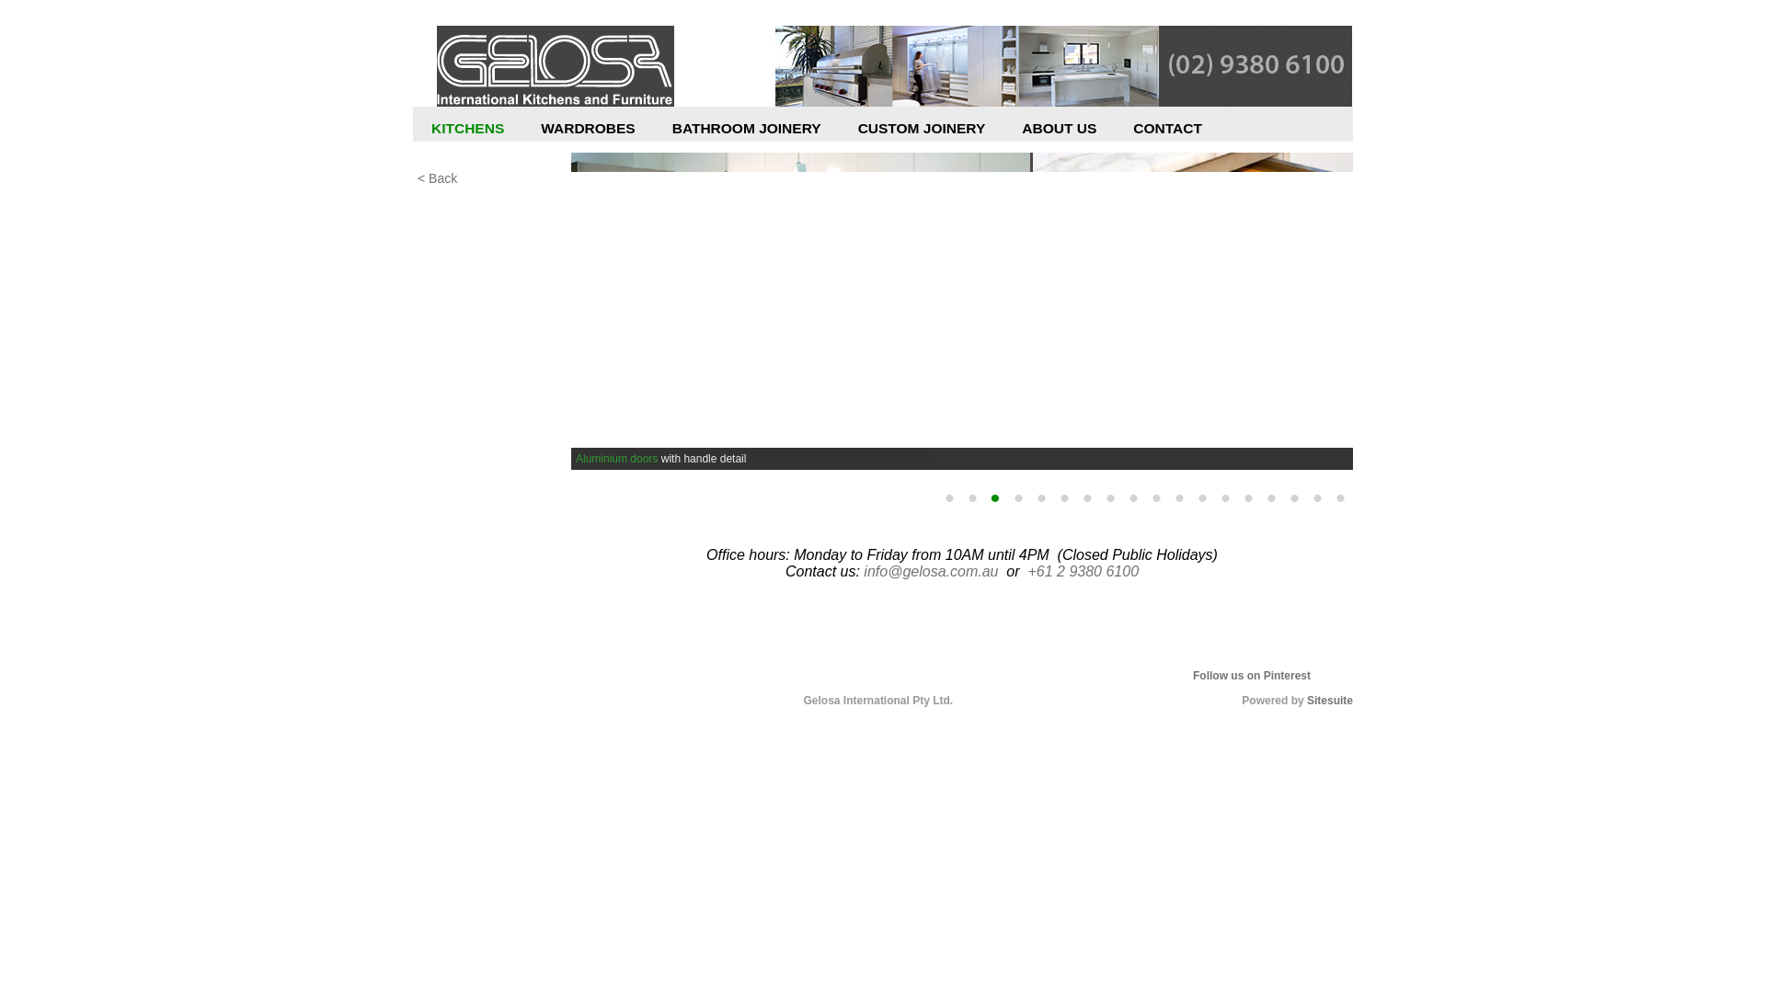 The height and width of the screenshot is (993, 1766). I want to click on '8', so click(1108, 498).